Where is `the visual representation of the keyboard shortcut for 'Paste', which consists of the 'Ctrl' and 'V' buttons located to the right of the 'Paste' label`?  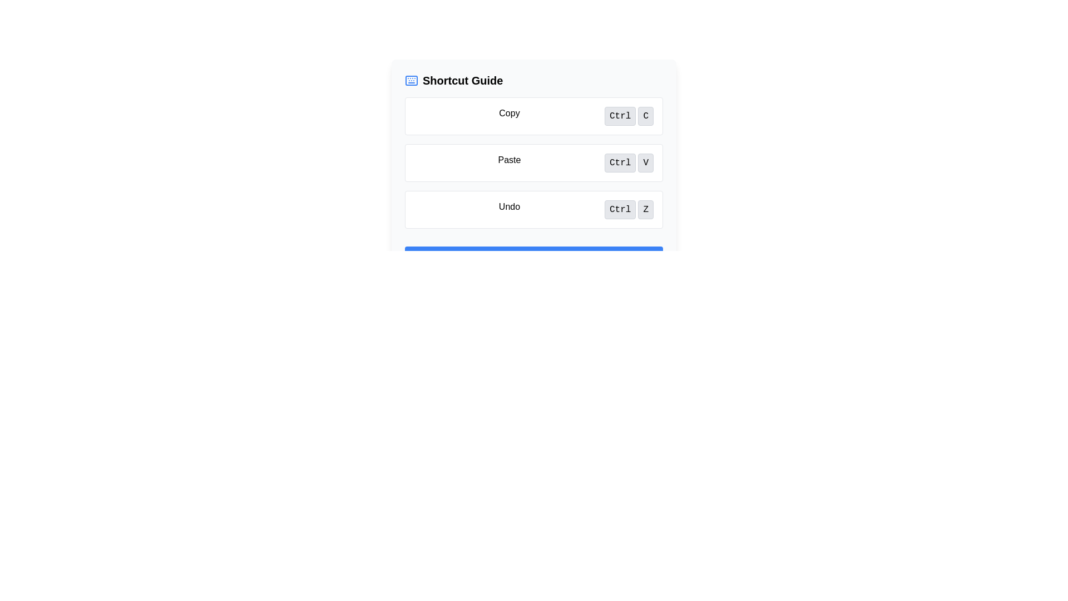
the visual representation of the keyboard shortcut for 'Paste', which consists of the 'Ctrl' and 'V' buttons located to the right of the 'Paste' label is located at coordinates (629, 163).